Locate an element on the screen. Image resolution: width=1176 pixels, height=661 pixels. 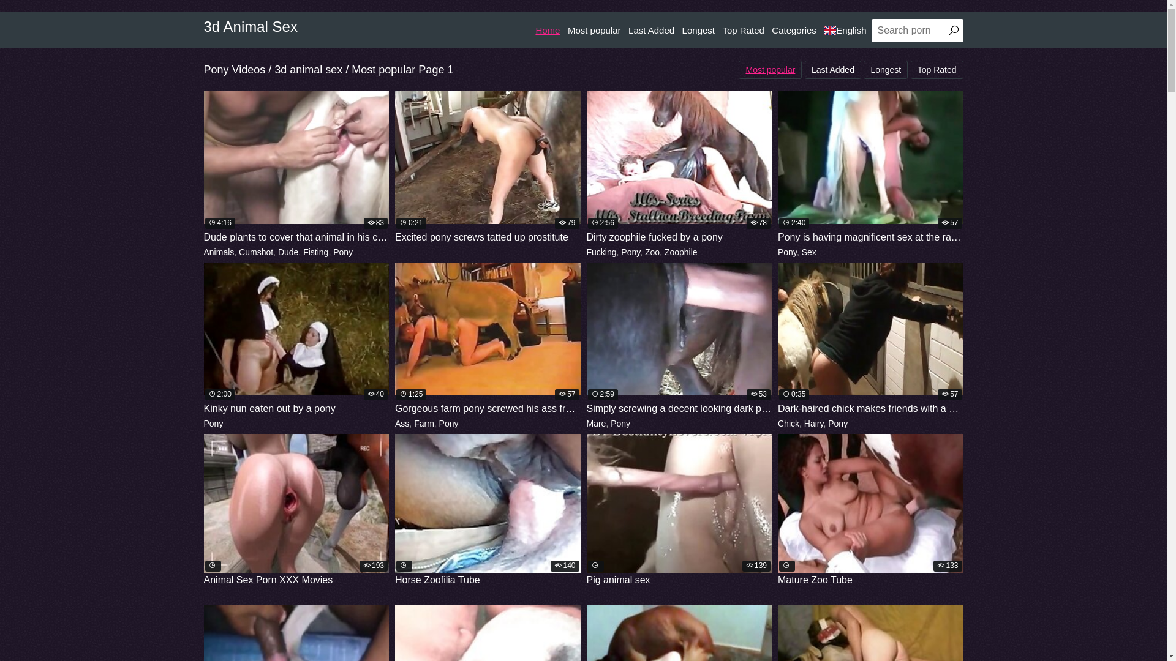
'Hairy' is located at coordinates (814, 422).